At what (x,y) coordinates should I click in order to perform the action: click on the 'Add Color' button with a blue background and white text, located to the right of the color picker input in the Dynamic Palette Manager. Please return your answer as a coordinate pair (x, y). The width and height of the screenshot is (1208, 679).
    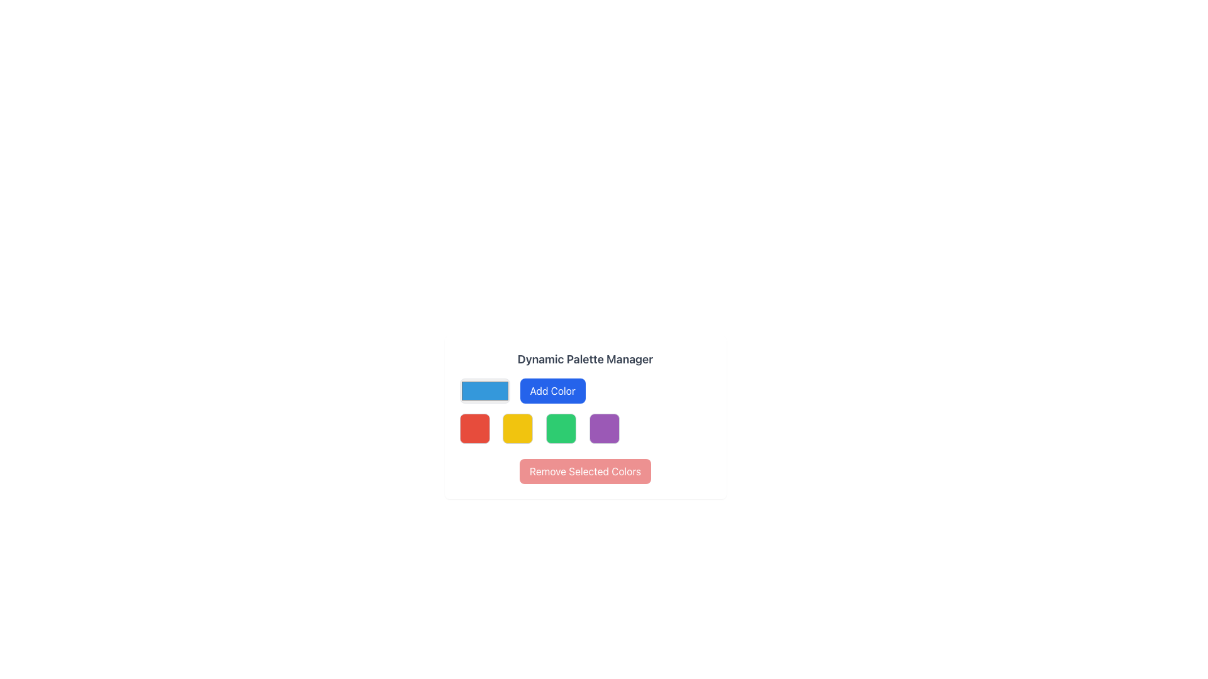
    Looking at the image, I should click on (552, 390).